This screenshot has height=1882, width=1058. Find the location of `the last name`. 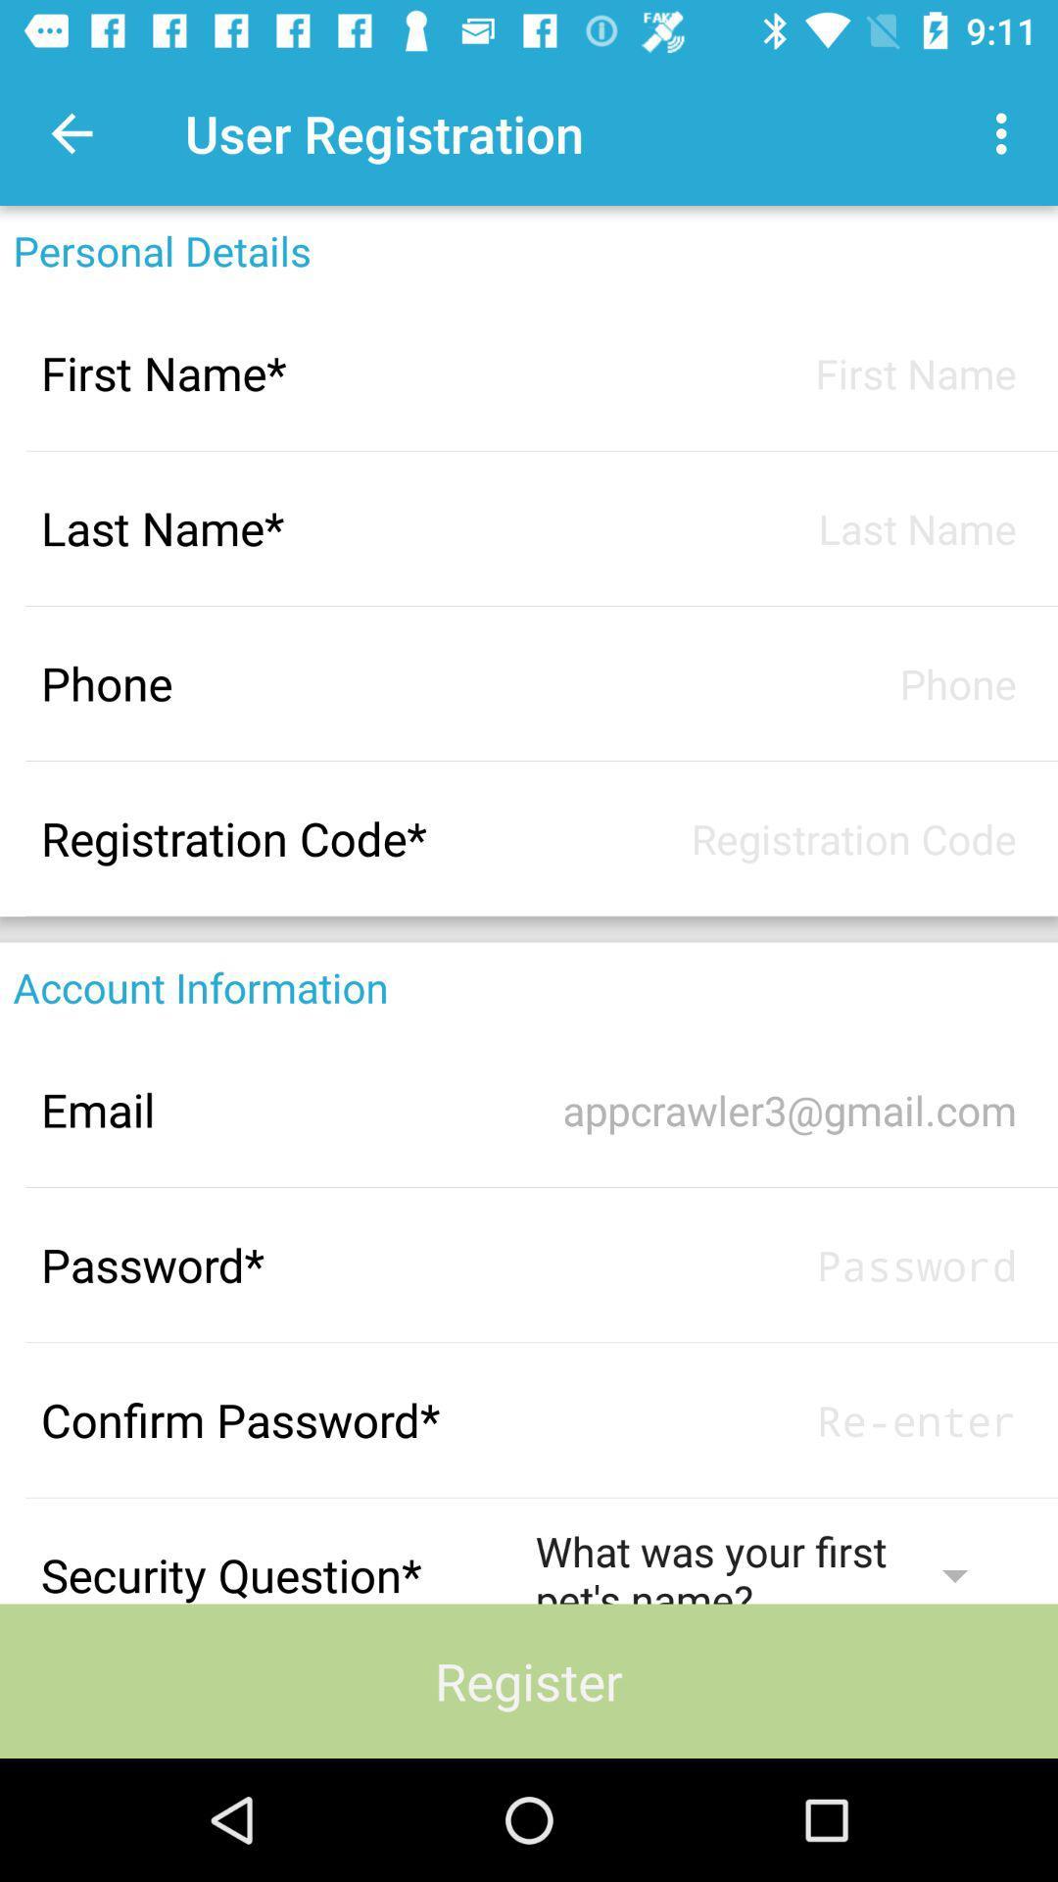

the last name is located at coordinates (775, 528).